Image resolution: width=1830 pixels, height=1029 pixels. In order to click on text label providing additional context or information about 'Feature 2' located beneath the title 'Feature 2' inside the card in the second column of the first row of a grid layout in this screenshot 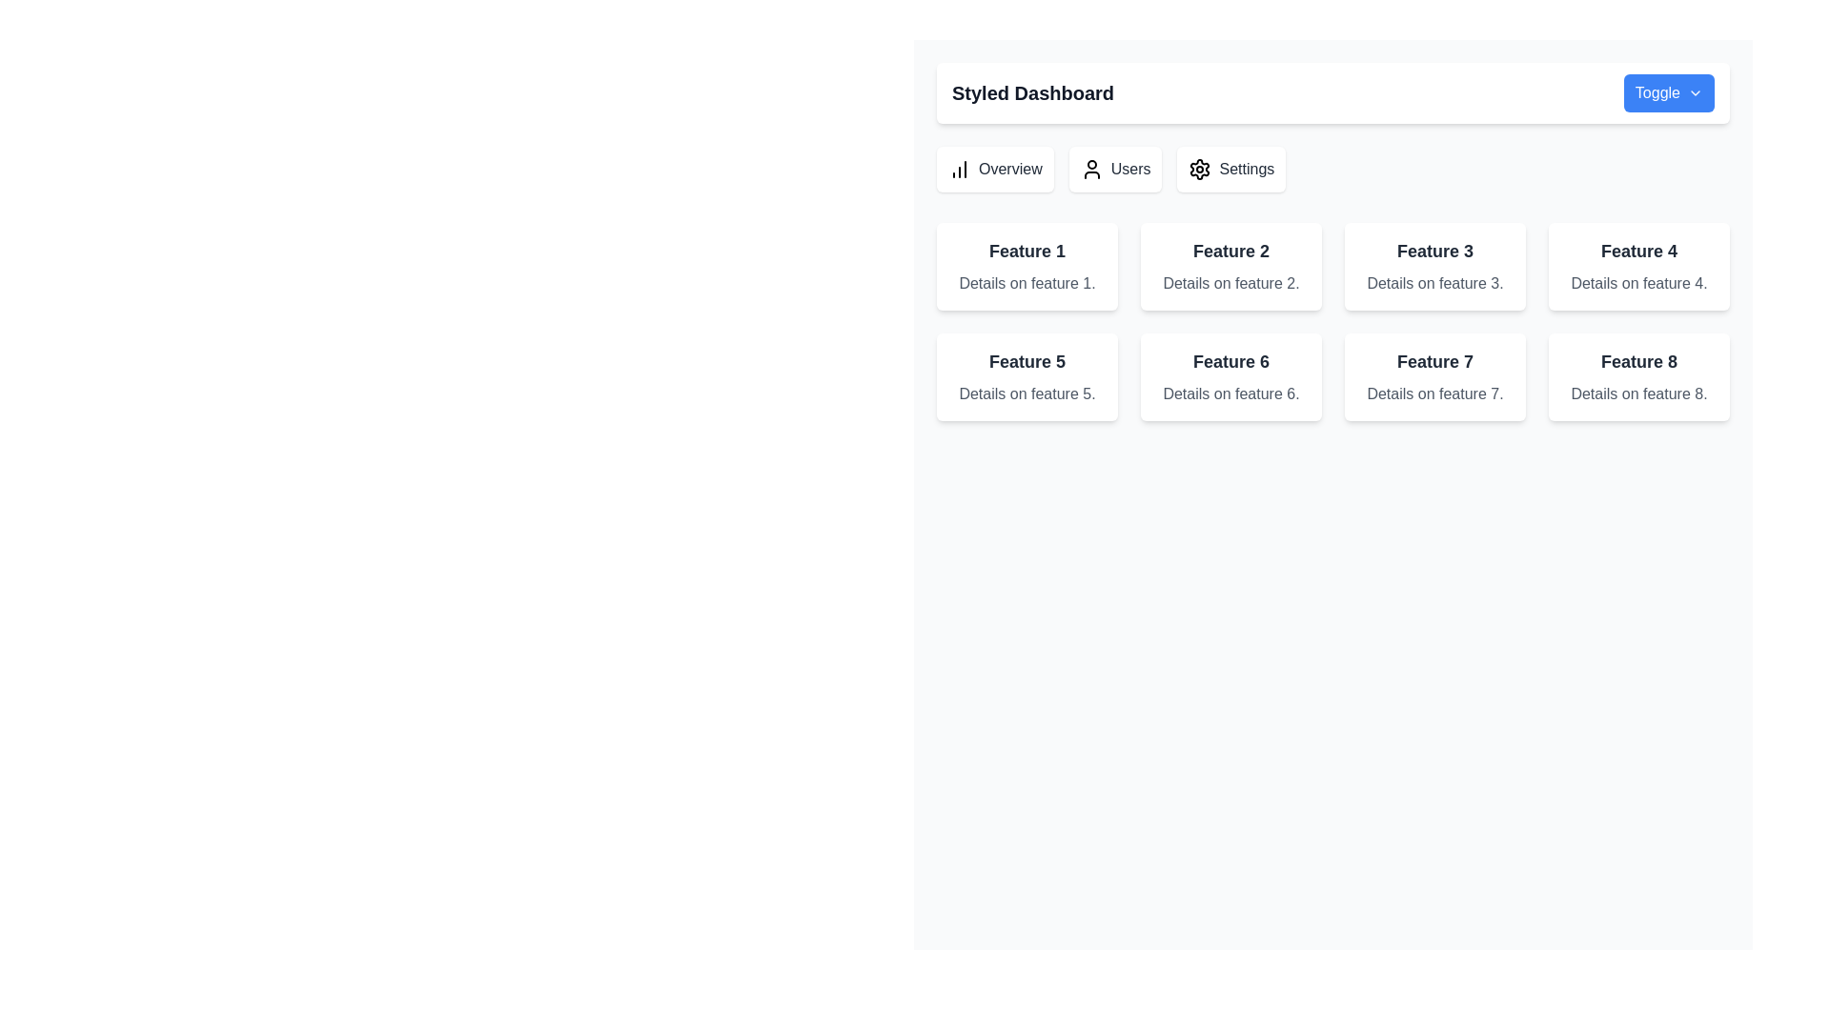, I will do `click(1230, 283)`.